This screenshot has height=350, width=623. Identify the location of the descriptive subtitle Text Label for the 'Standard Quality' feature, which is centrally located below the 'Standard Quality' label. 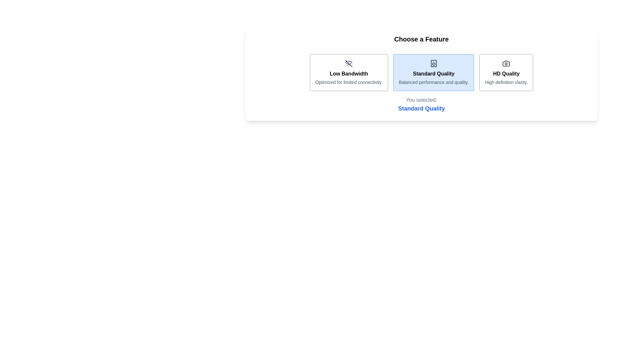
(434, 82).